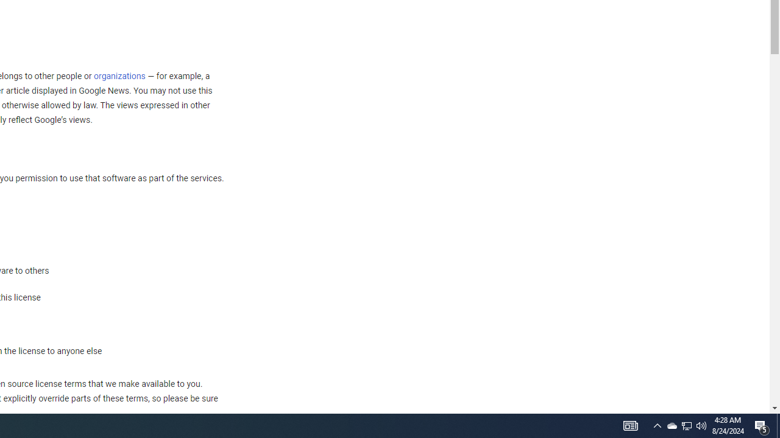 Image resolution: width=780 pixels, height=438 pixels. What do you see at coordinates (119, 76) in the screenshot?
I see `'organizations'` at bounding box center [119, 76].